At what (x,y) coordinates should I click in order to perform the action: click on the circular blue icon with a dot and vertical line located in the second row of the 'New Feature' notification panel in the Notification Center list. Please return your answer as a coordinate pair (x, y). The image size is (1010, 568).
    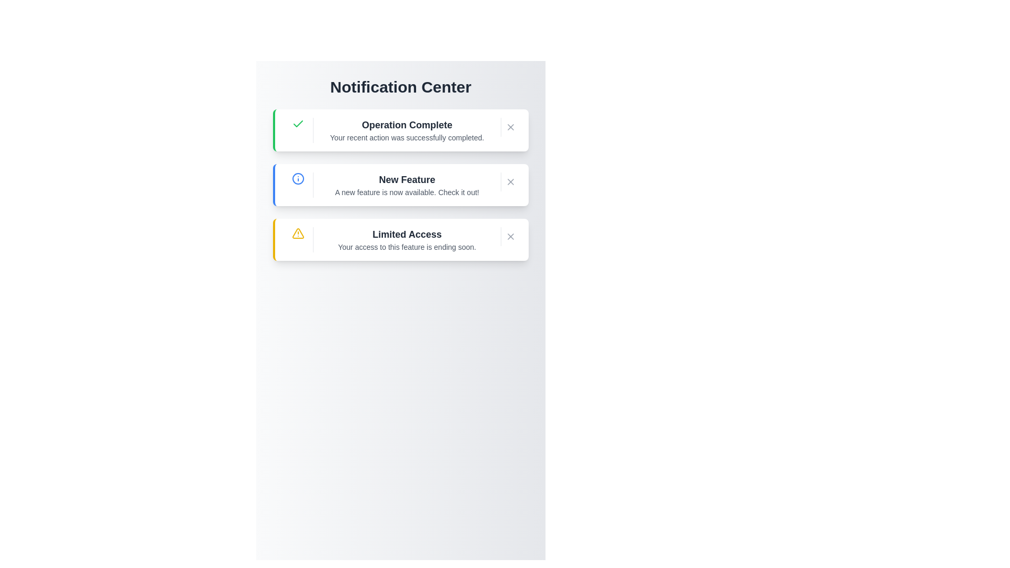
    Looking at the image, I should click on (297, 178).